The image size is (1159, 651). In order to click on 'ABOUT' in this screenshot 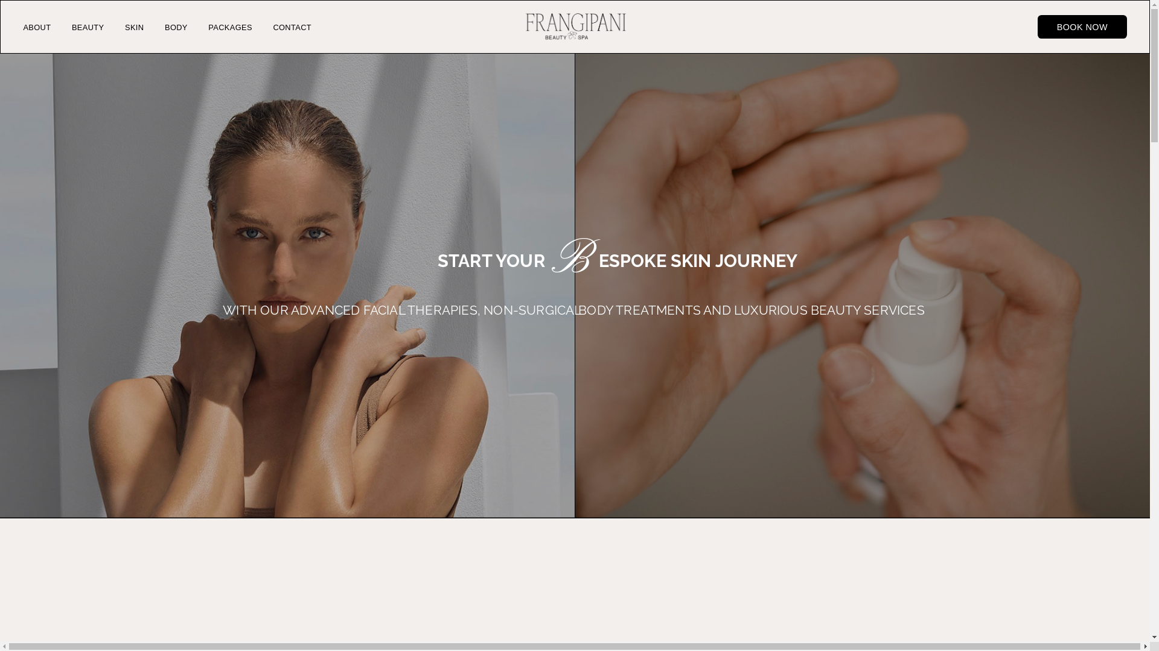, I will do `click(37, 27)`.